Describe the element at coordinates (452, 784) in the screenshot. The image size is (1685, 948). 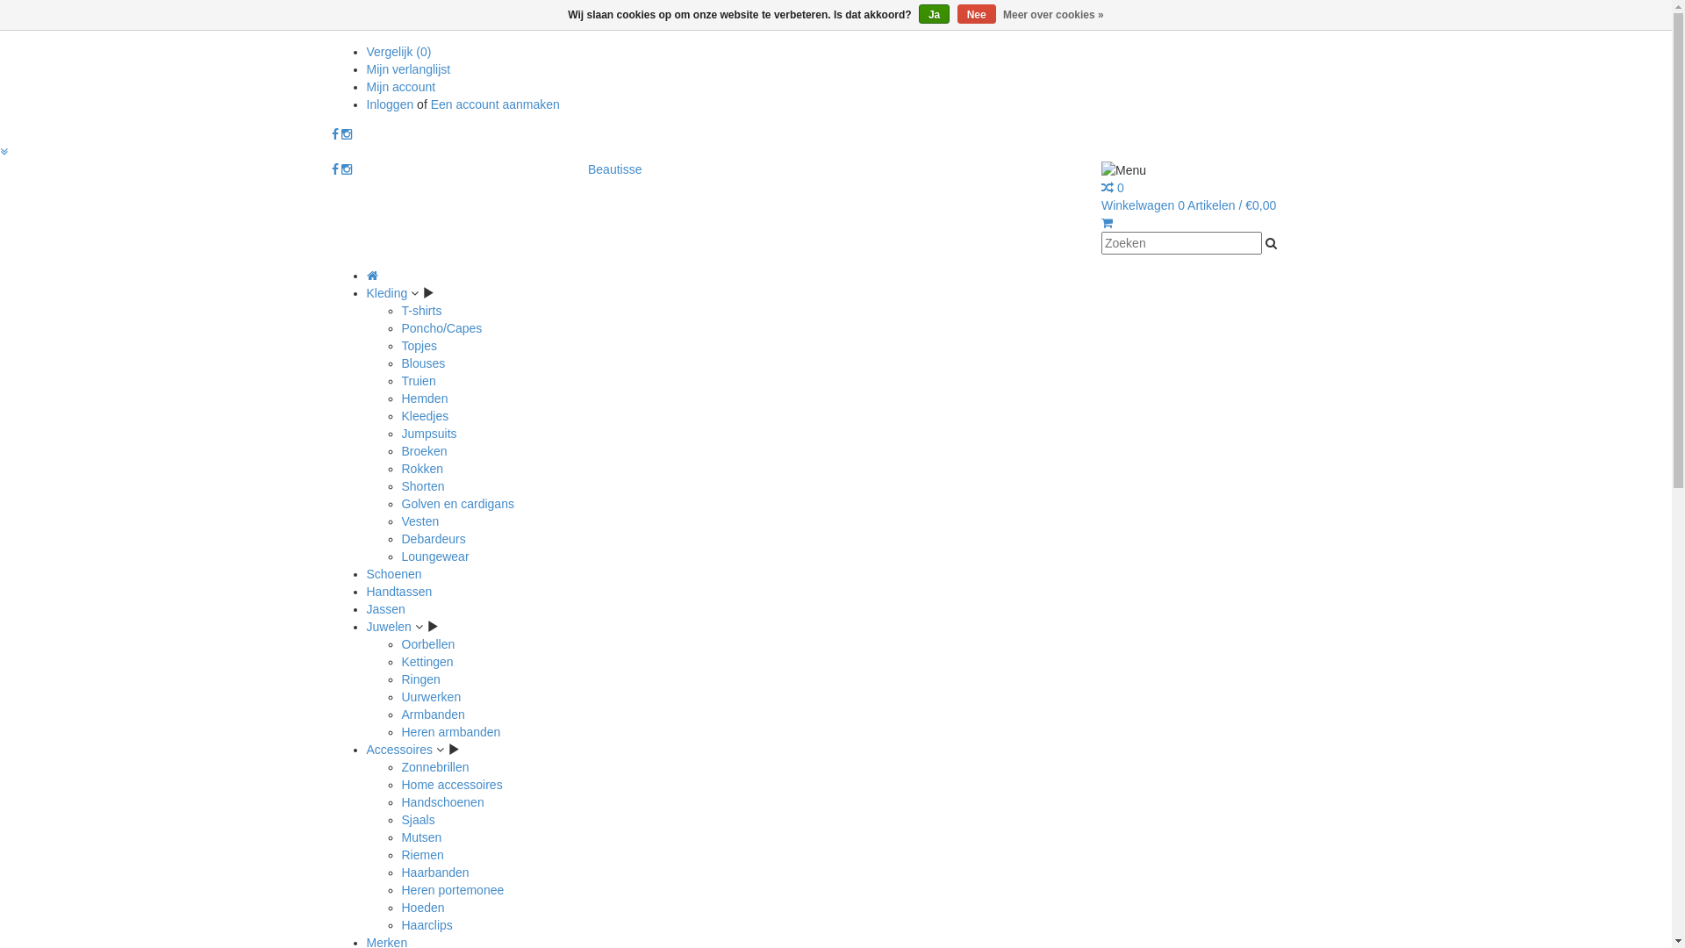
I see `'Home accessoires'` at that location.